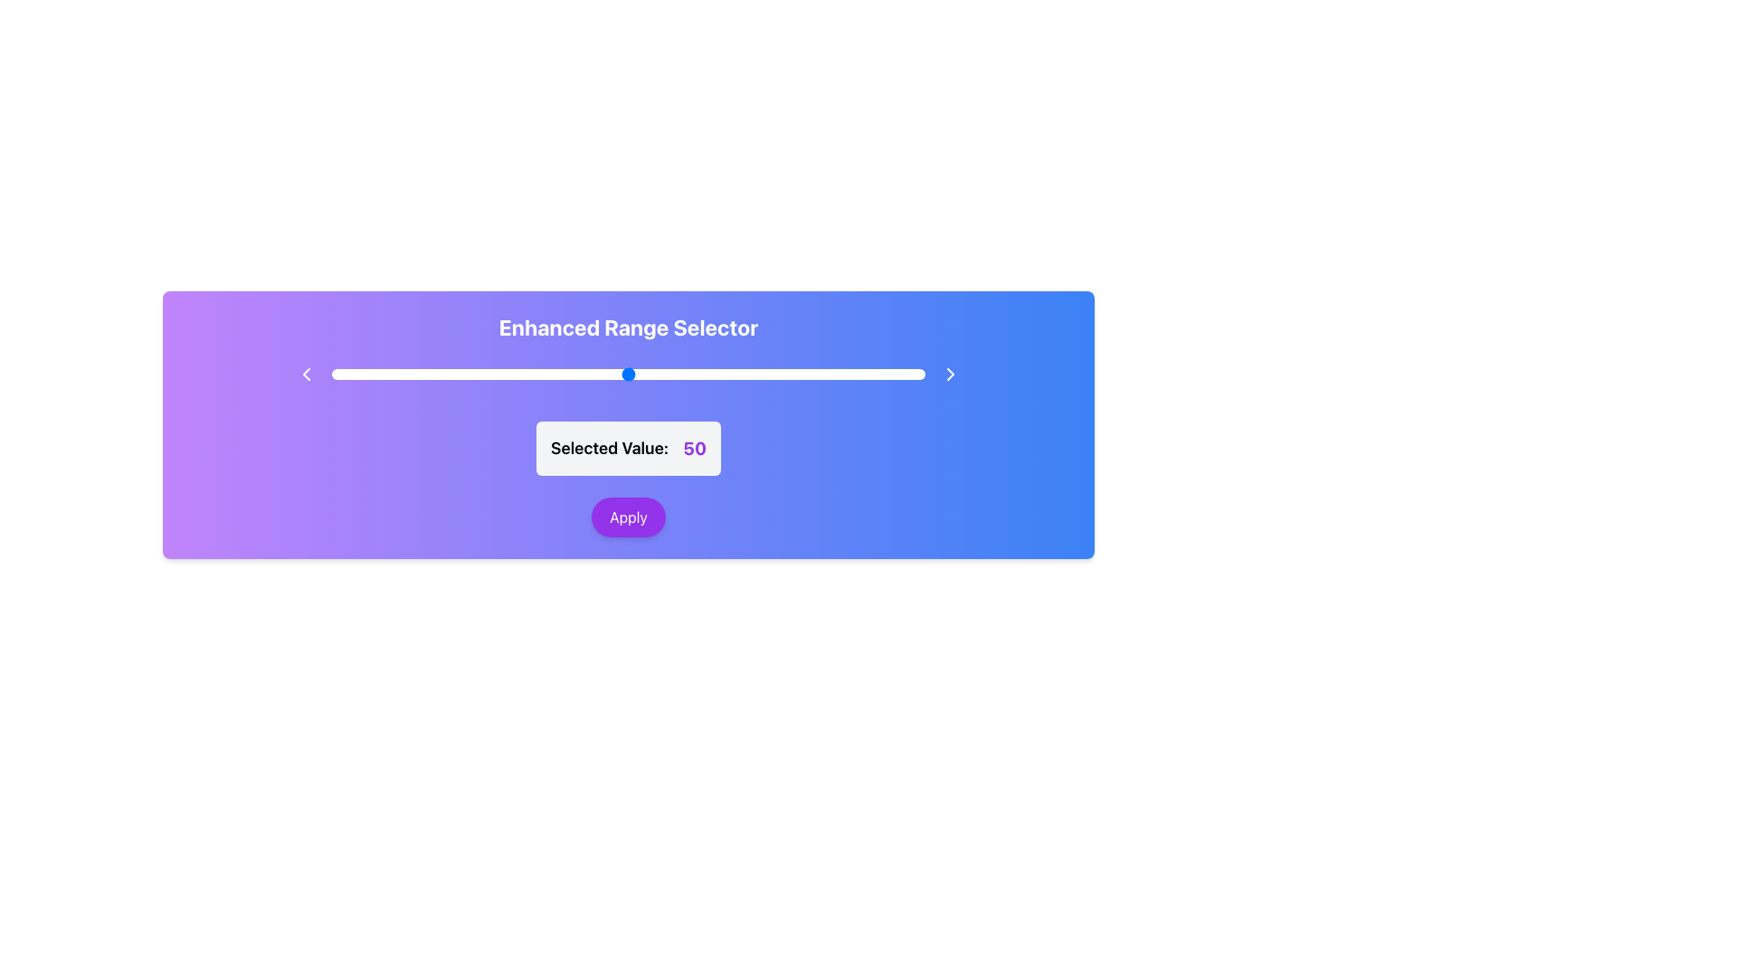 This screenshot has width=1737, height=977. Describe the element at coordinates (468, 373) in the screenshot. I see `the range slider` at that location.